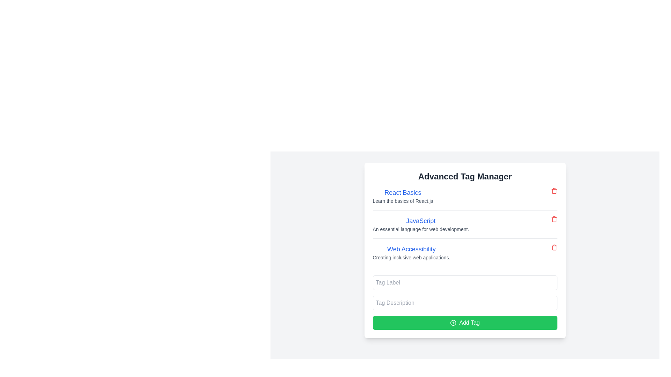 This screenshot has width=671, height=377. What do you see at coordinates (554, 219) in the screenshot?
I see `the red trash icon button located to the far right of the 'JavaScript' text section` at bounding box center [554, 219].